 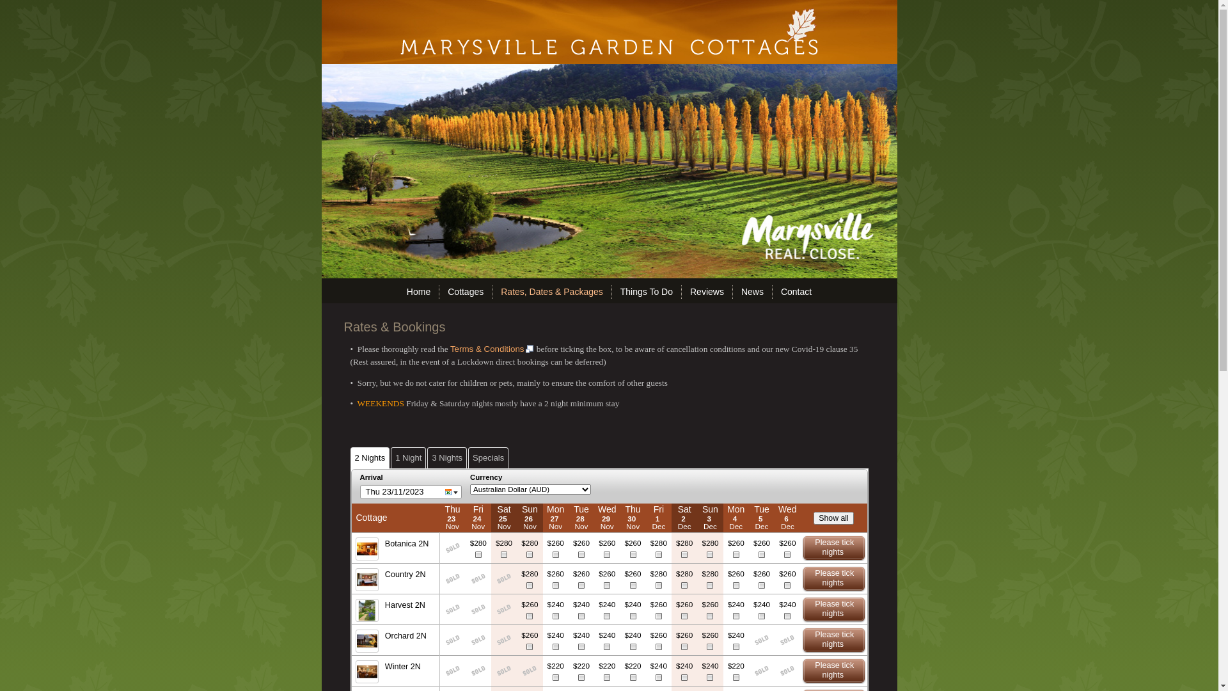 I want to click on 'Show all', so click(x=833, y=518).